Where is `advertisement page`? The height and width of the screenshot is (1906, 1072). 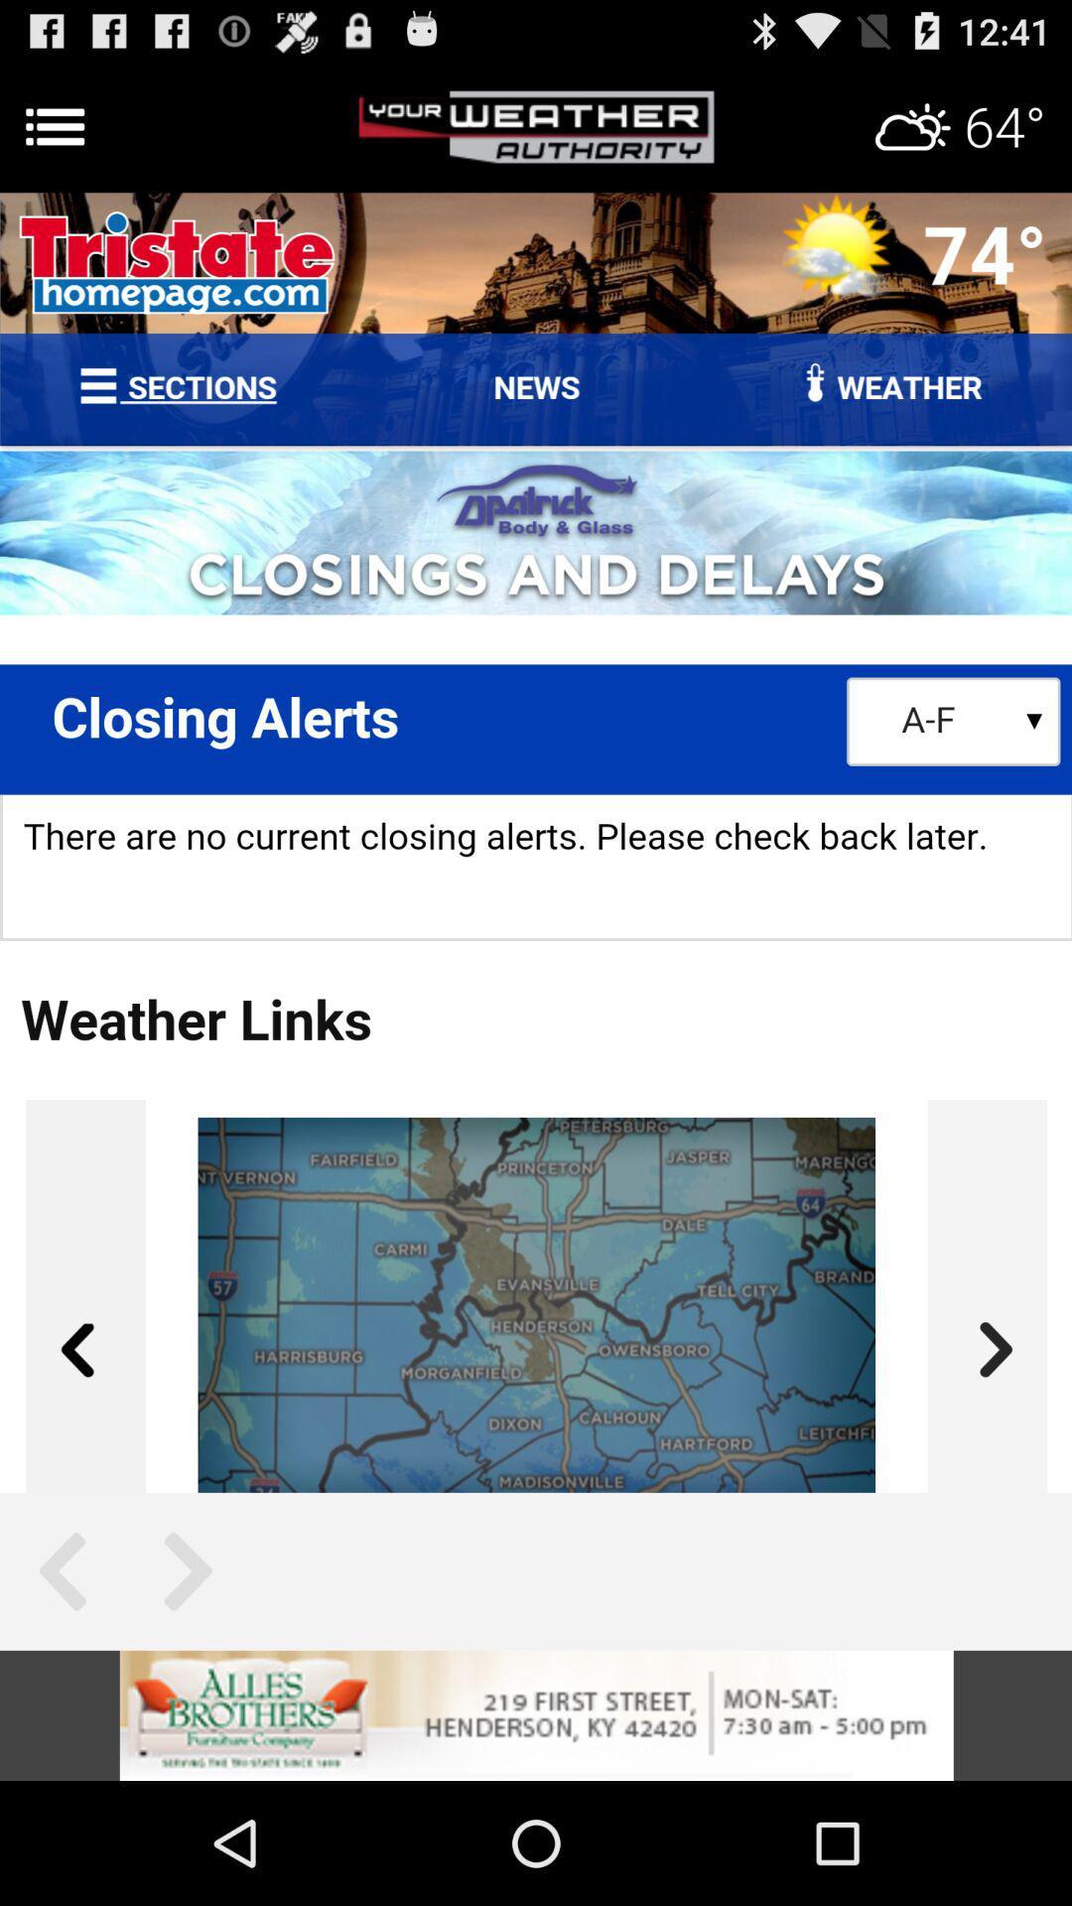 advertisement page is located at coordinates (536, 843).